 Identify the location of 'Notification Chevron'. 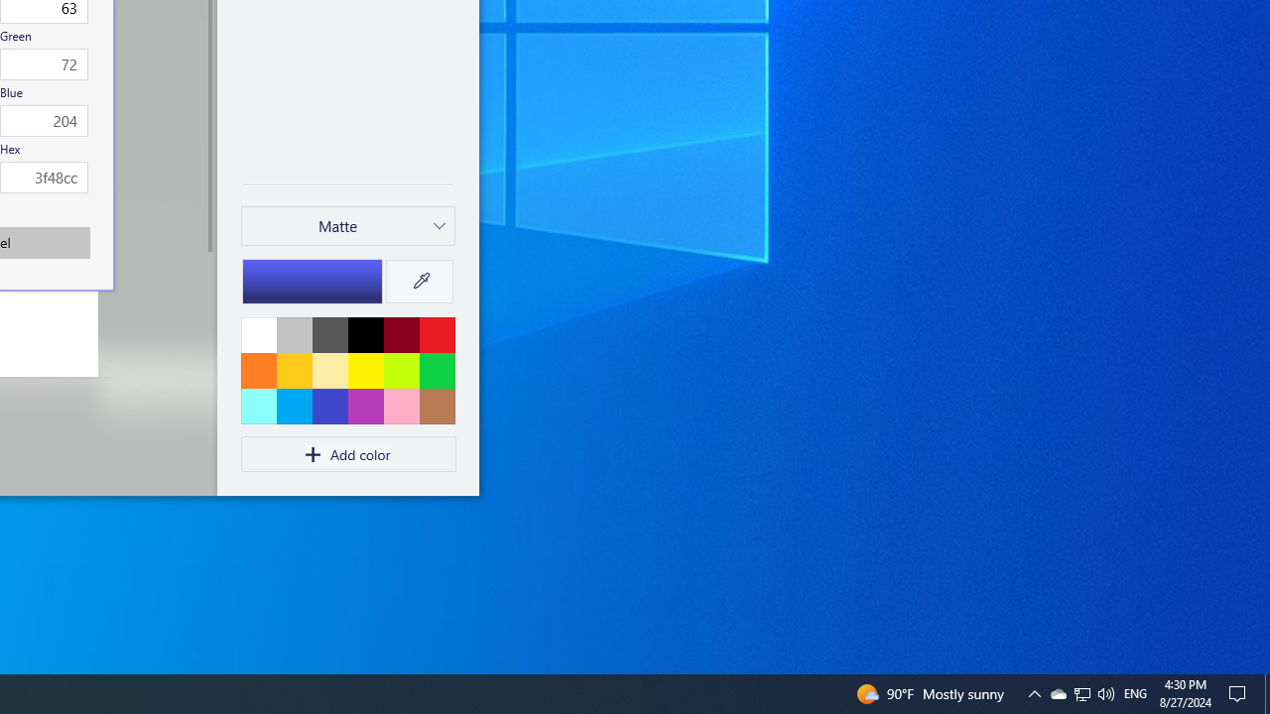
(1081, 692).